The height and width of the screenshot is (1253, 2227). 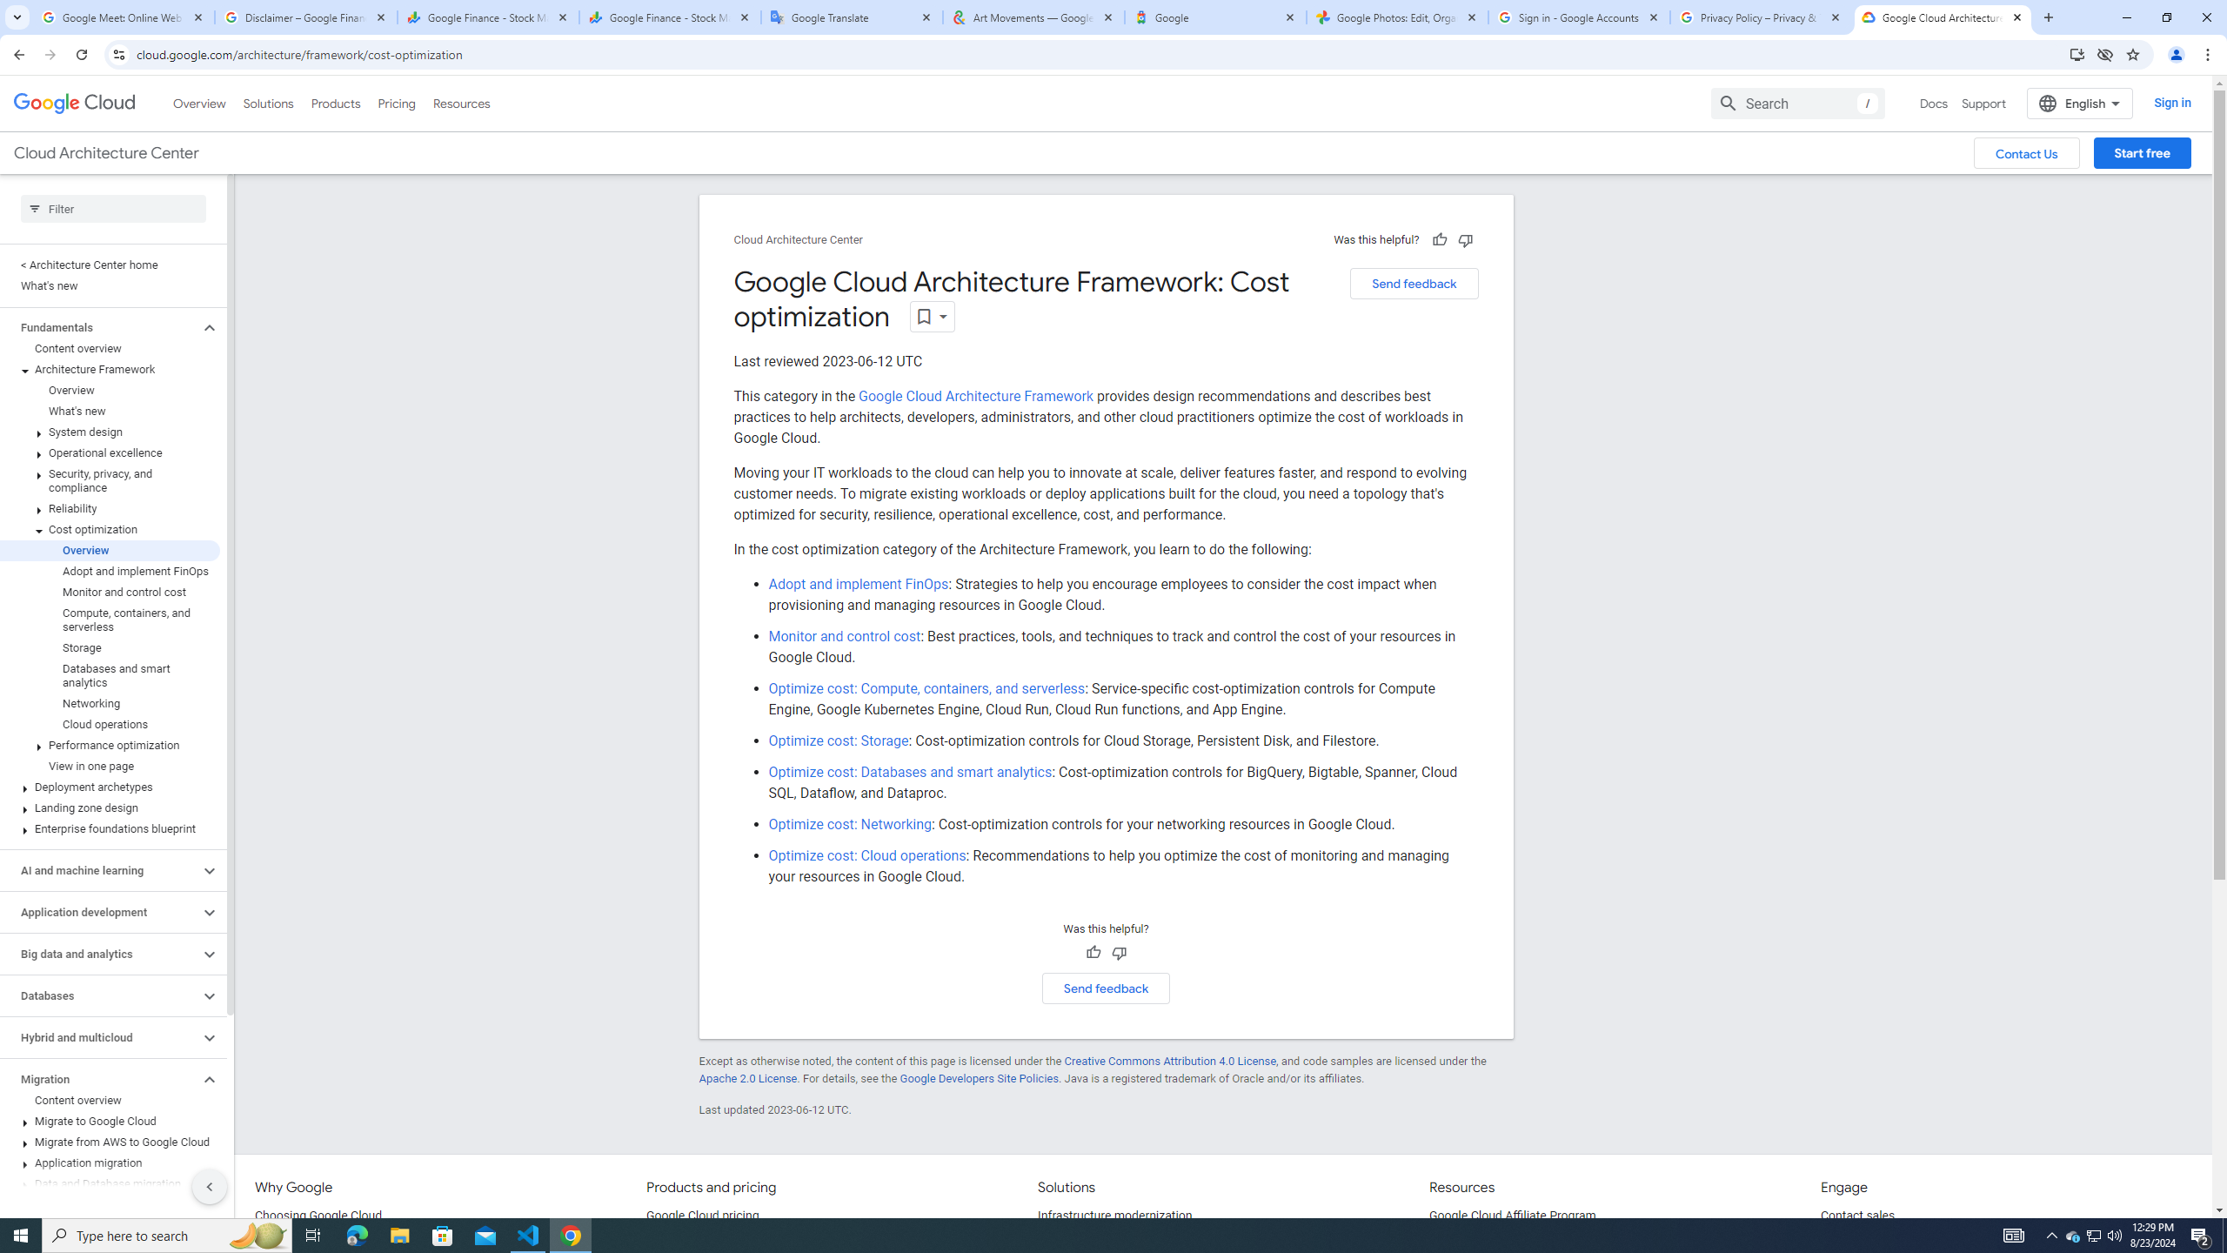 What do you see at coordinates (851, 17) in the screenshot?
I see `'Google Translate'` at bounding box center [851, 17].